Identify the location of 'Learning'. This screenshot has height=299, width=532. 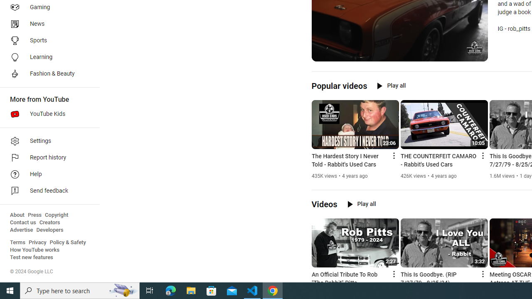
(47, 56).